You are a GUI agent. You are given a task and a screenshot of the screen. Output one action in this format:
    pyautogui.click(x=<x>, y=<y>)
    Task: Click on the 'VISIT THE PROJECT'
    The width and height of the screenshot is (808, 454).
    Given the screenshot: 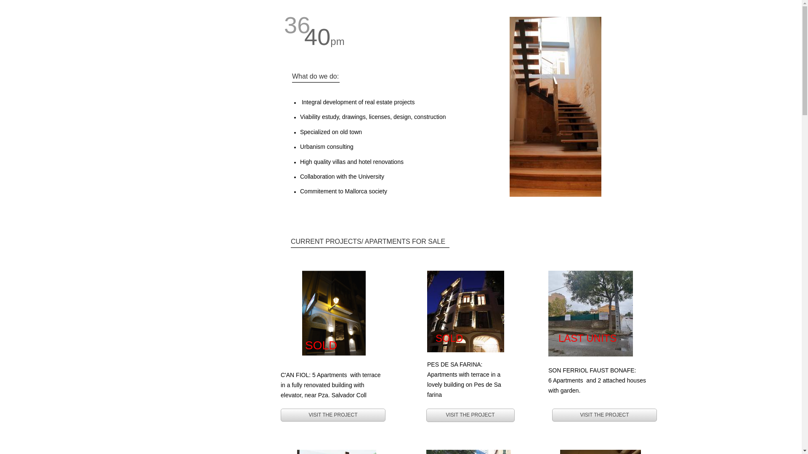 What is the action you would take?
    pyautogui.click(x=552, y=414)
    